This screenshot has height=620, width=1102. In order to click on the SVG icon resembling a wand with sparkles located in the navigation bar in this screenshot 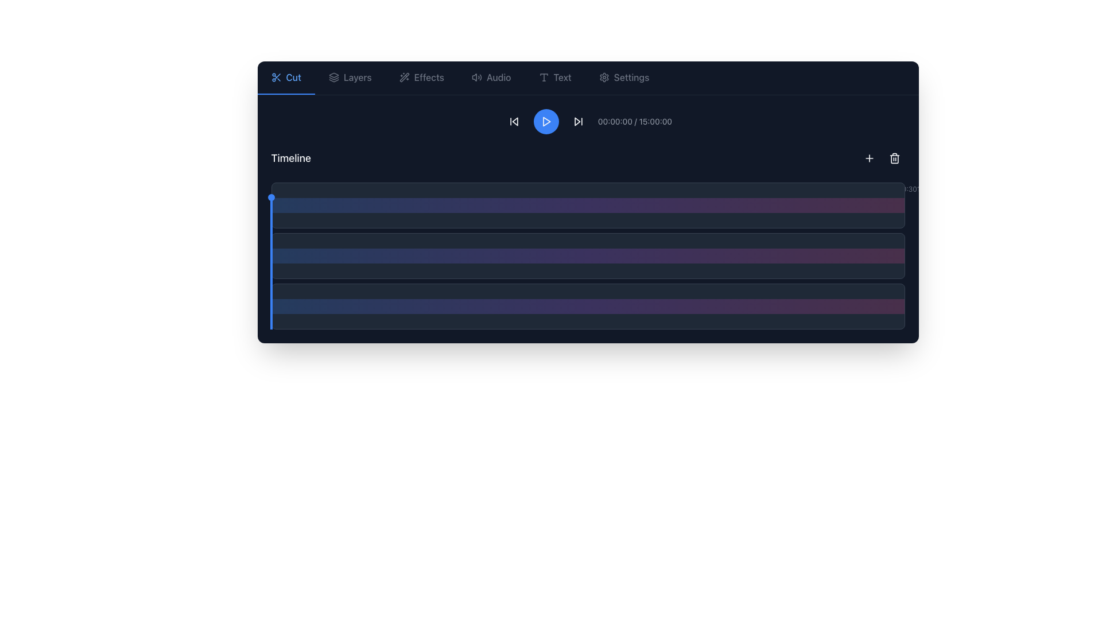, I will do `click(404, 77)`.